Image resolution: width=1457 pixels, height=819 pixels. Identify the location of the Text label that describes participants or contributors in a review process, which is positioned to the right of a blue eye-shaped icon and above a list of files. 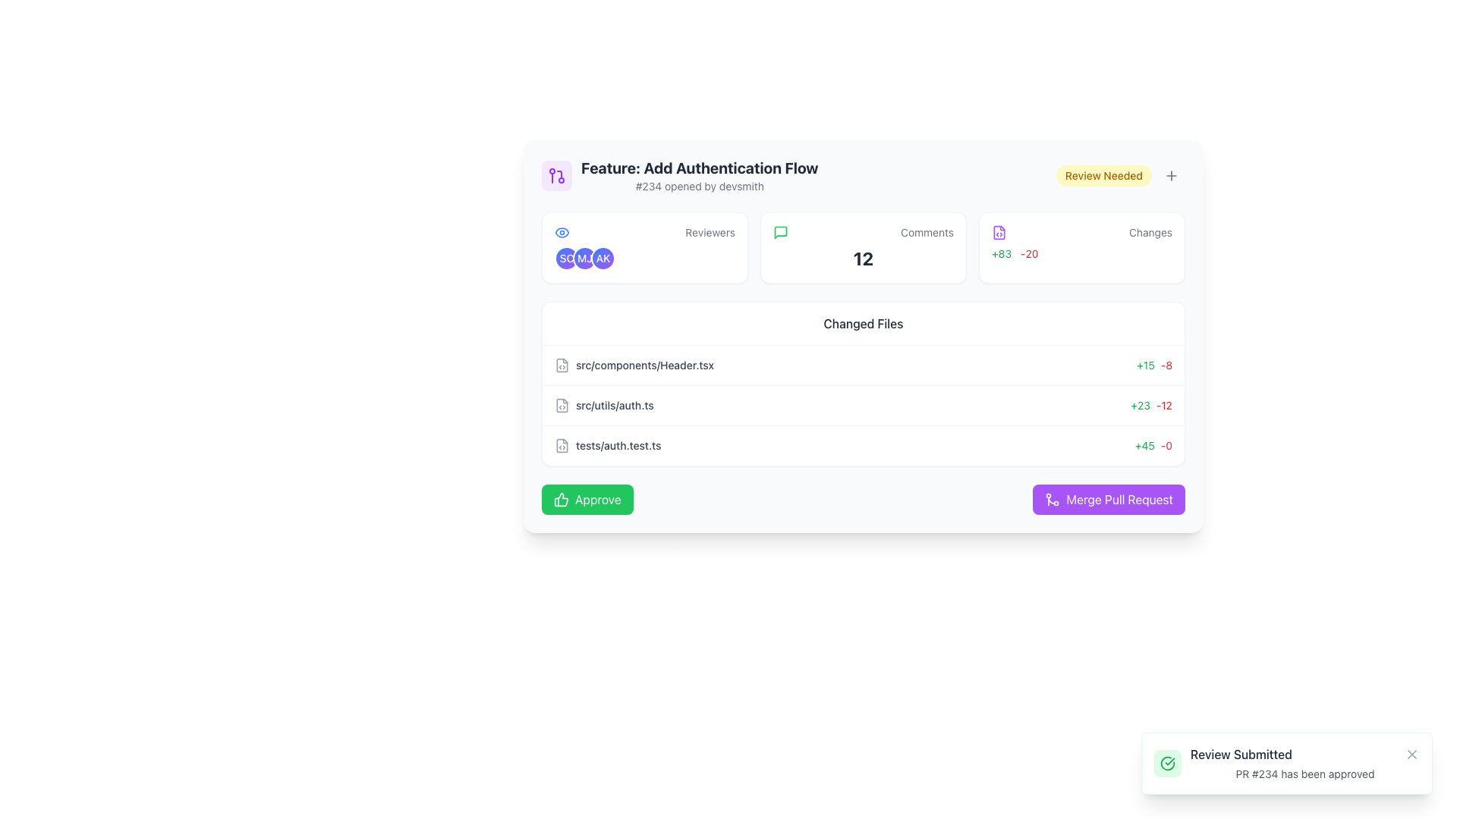
(710, 233).